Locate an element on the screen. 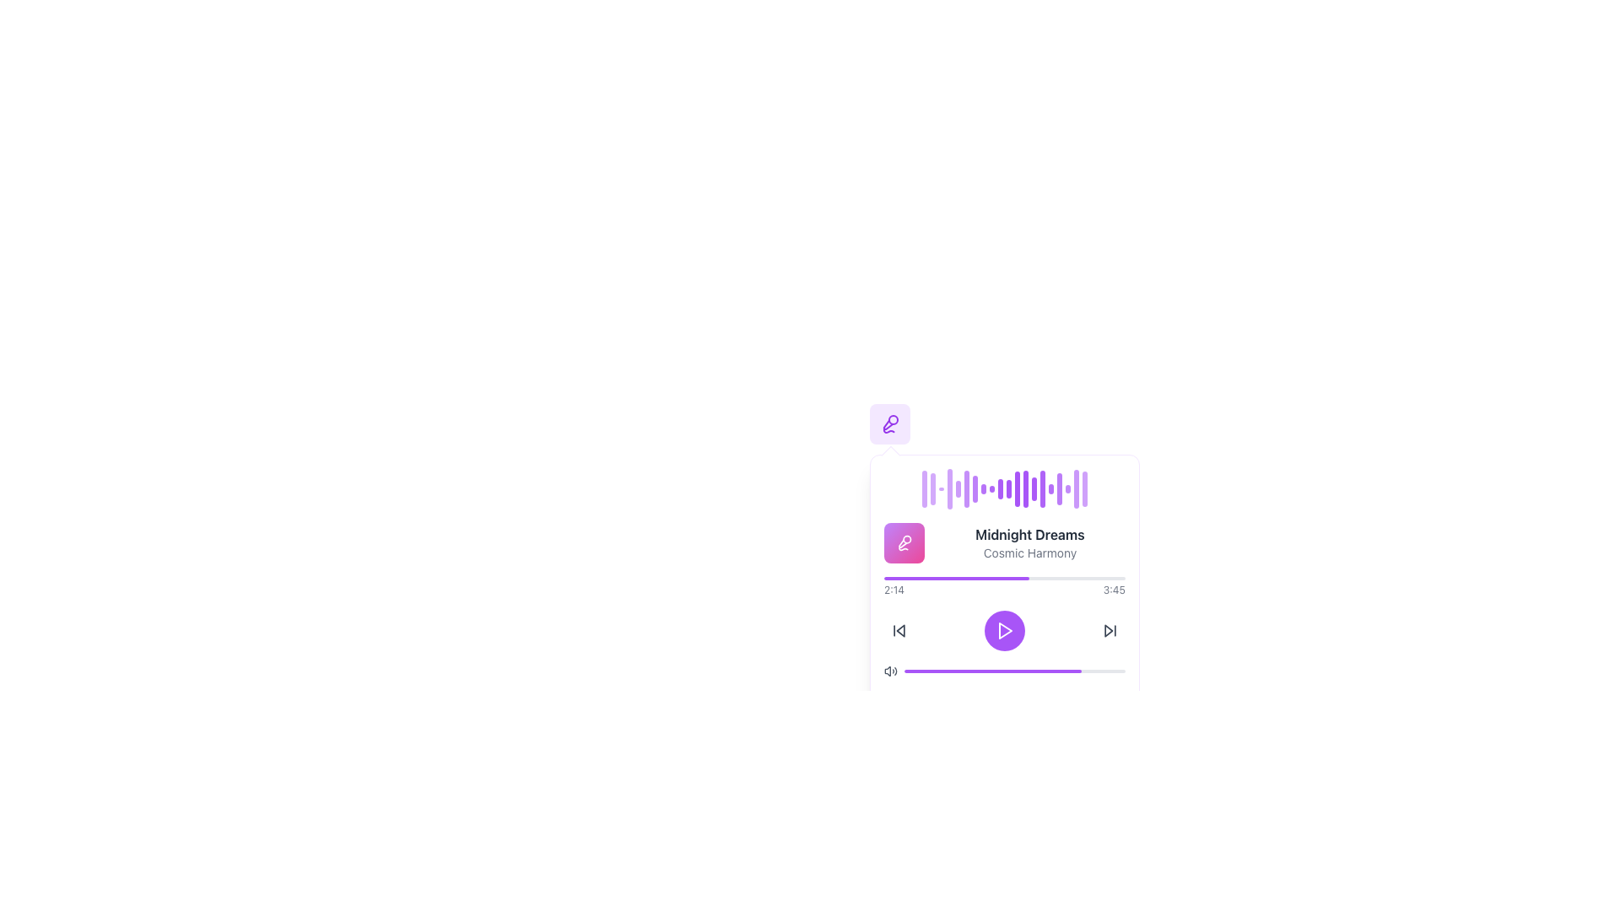 Image resolution: width=1620 pixels, height=911 pixels. the volume icon resembling a speaker with sound waves, located on the left side of the sound control area is located at coordinates (887, 670).